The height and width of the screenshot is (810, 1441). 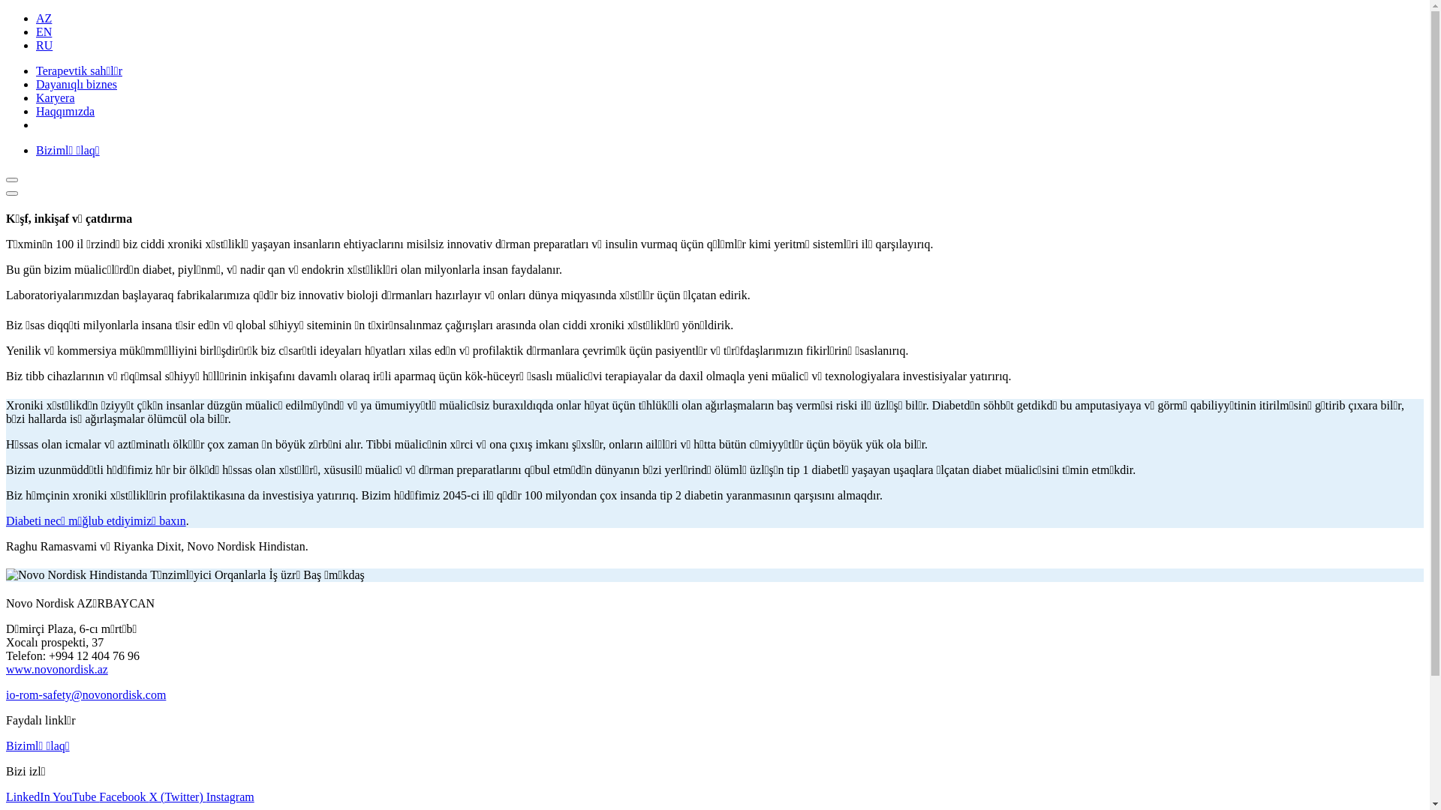 I want to click on 'www.novonordisk.az', so click(x=57, y=668).